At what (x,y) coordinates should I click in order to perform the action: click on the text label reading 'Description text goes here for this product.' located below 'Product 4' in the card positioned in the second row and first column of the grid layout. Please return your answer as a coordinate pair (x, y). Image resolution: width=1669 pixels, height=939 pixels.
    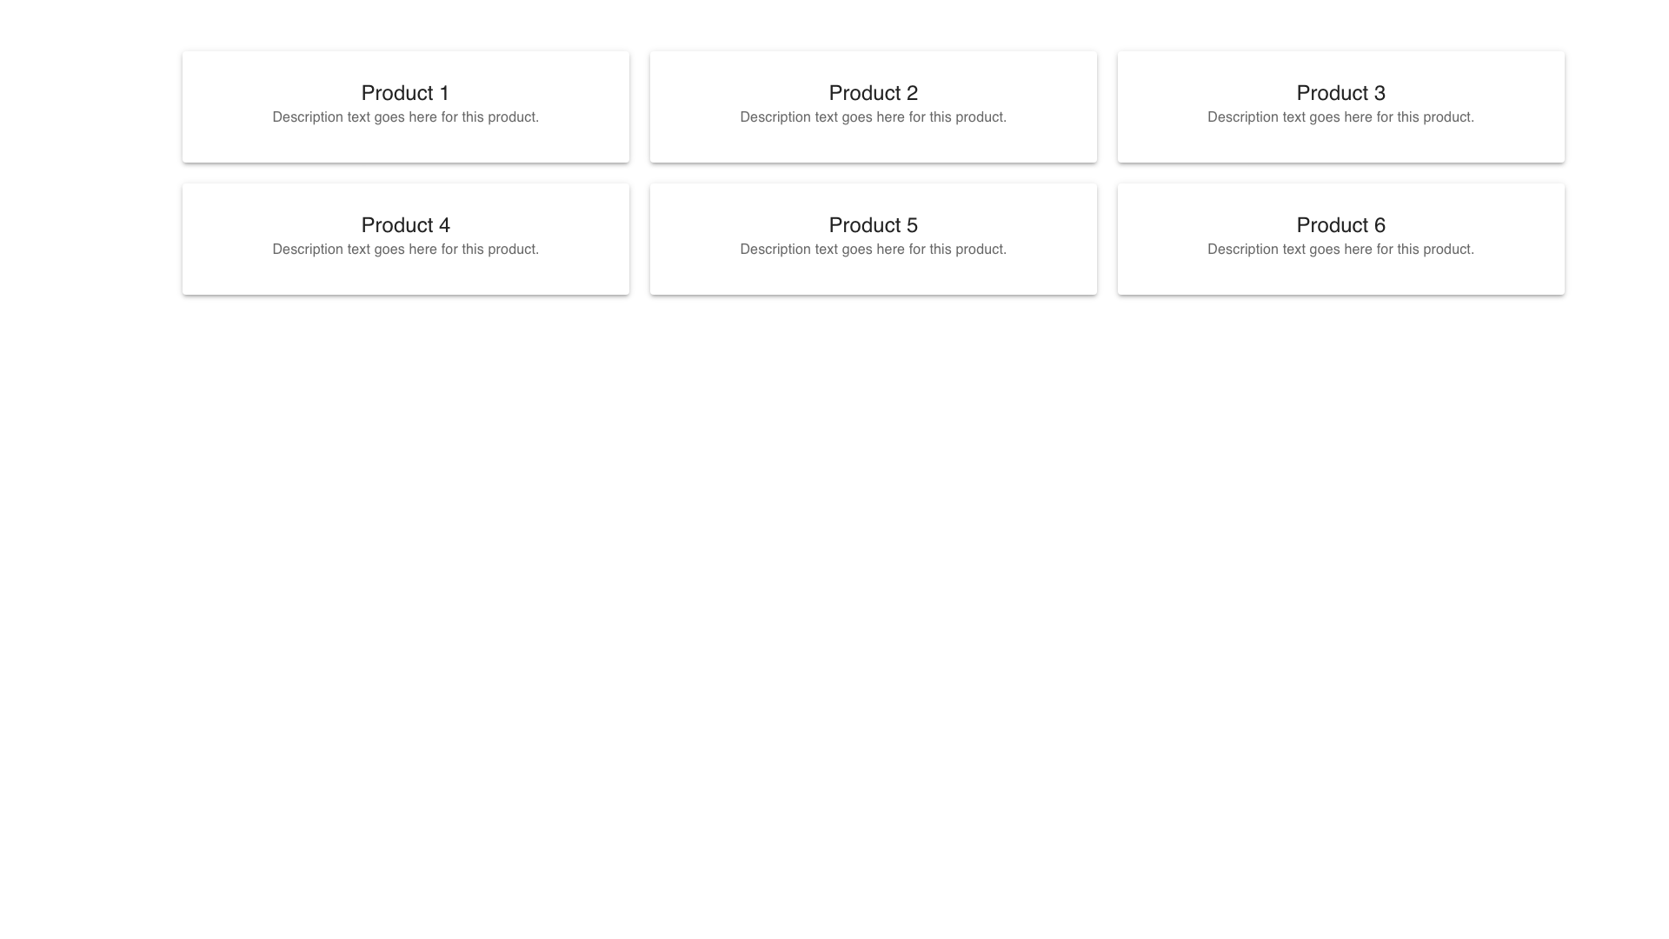
    Looking at the image, I should click on (404, 250).